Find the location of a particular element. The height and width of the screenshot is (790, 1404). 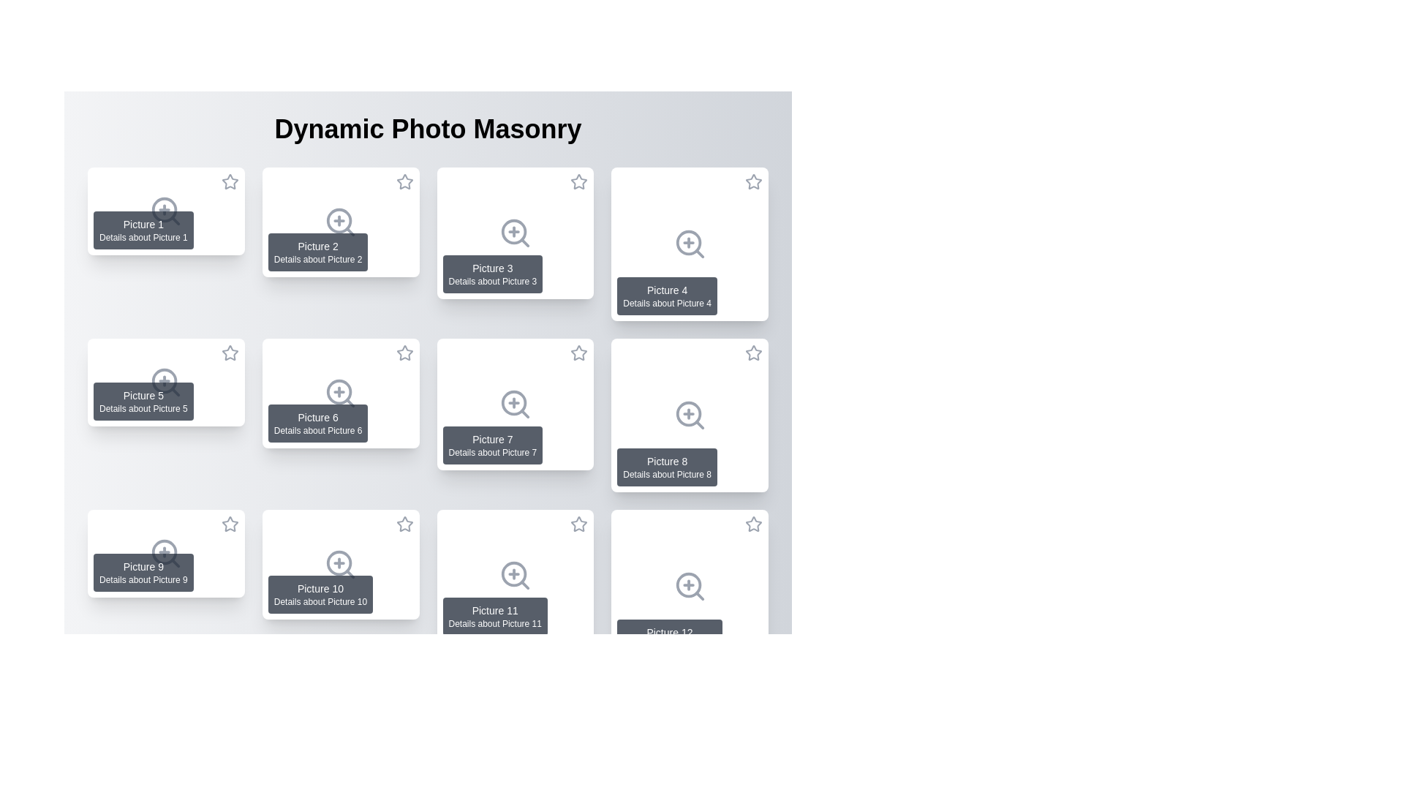

the star icon button located at the top-right corner of the card labeled 'Picture 6' is located at coordinates (404, 353).